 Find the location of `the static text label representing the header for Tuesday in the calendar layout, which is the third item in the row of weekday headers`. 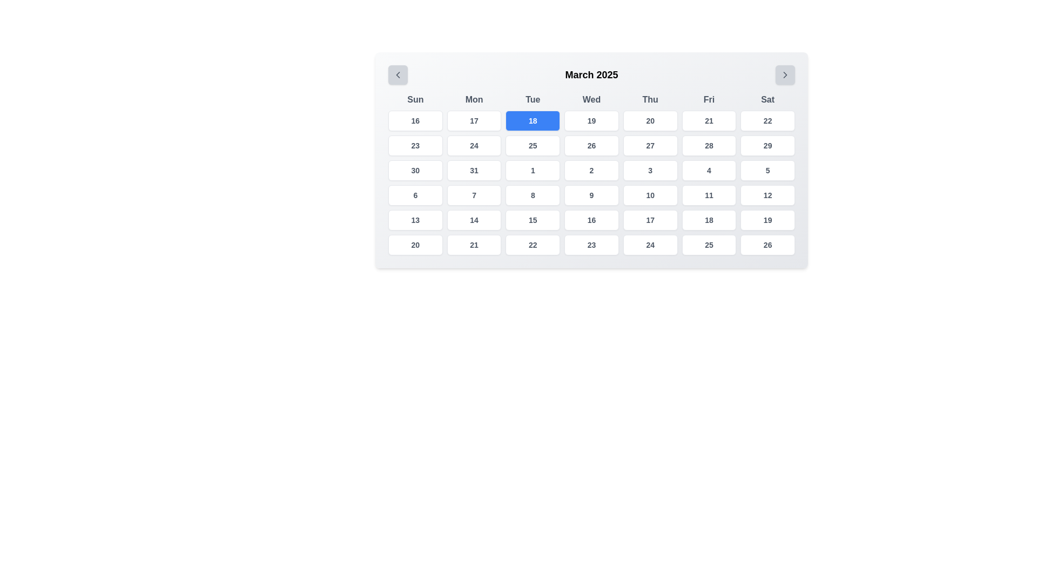

the static text label representing the header for Tuesday in the calendar layout, which is the third item in the row of weekday headers is located at coordinates (533, 100).